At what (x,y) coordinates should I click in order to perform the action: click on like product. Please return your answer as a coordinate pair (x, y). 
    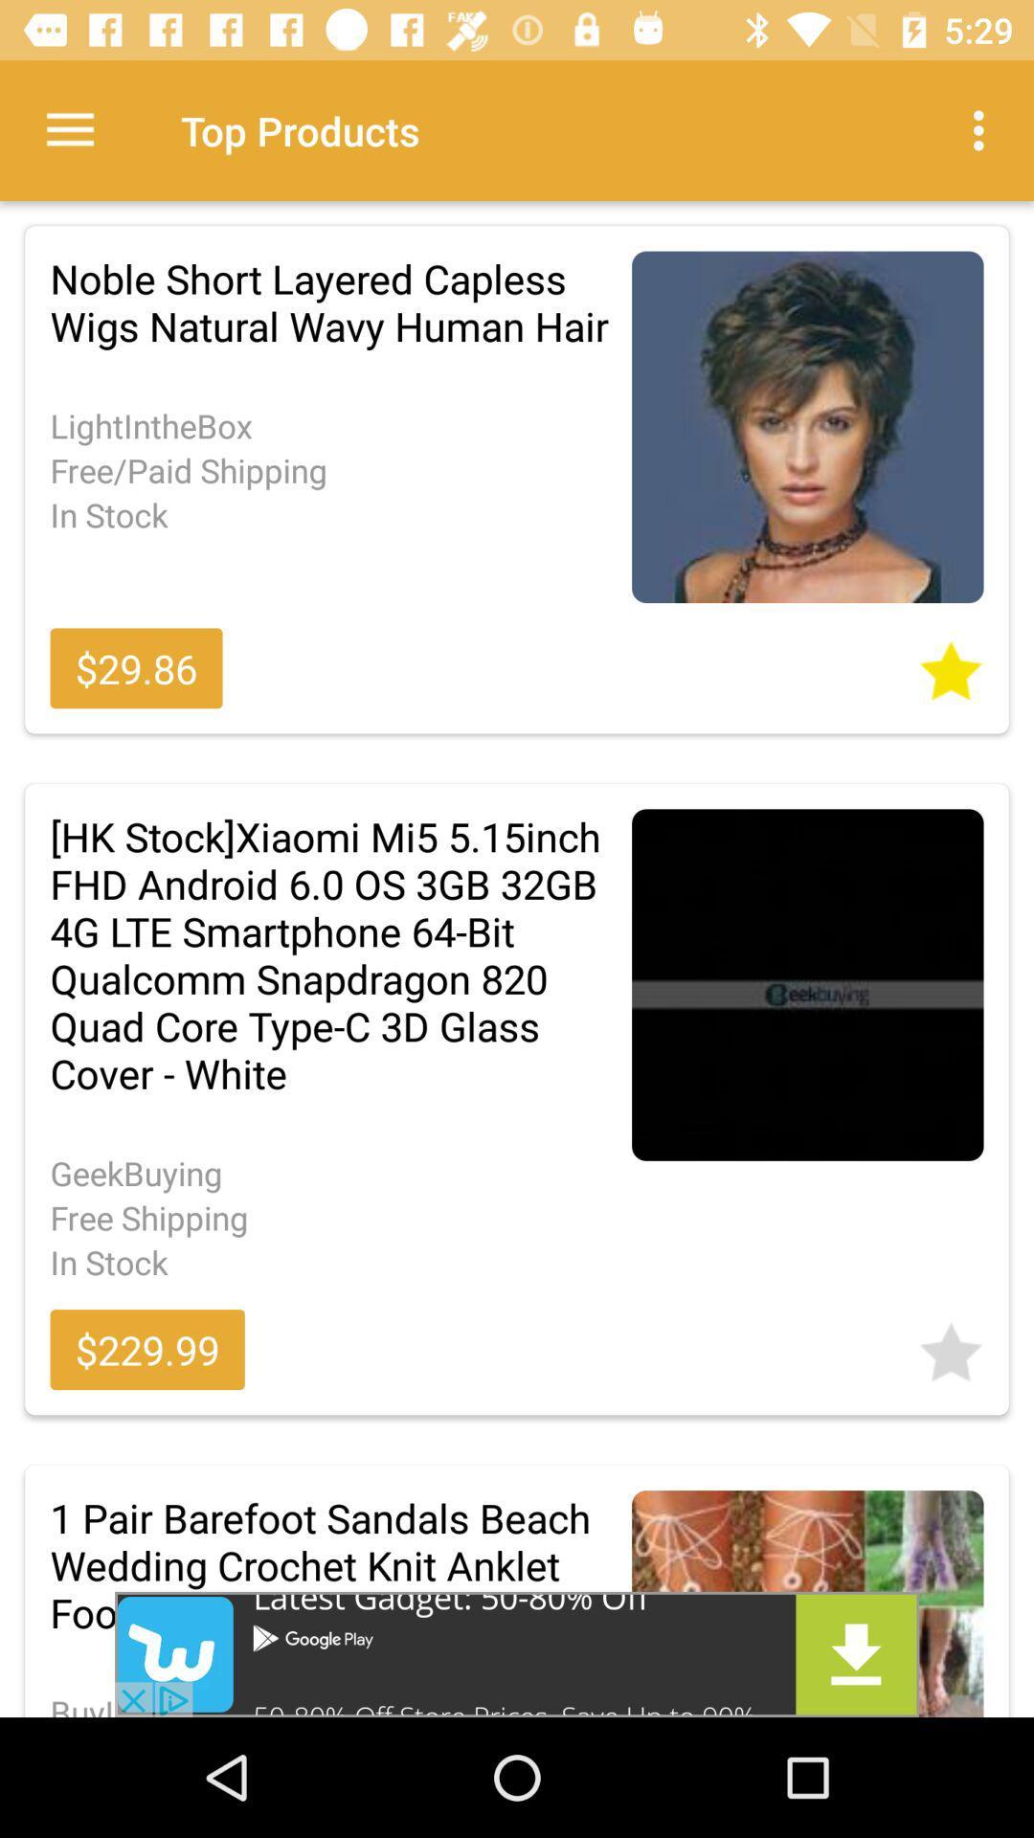
    Looking at the image, I should click on (951, 1345).